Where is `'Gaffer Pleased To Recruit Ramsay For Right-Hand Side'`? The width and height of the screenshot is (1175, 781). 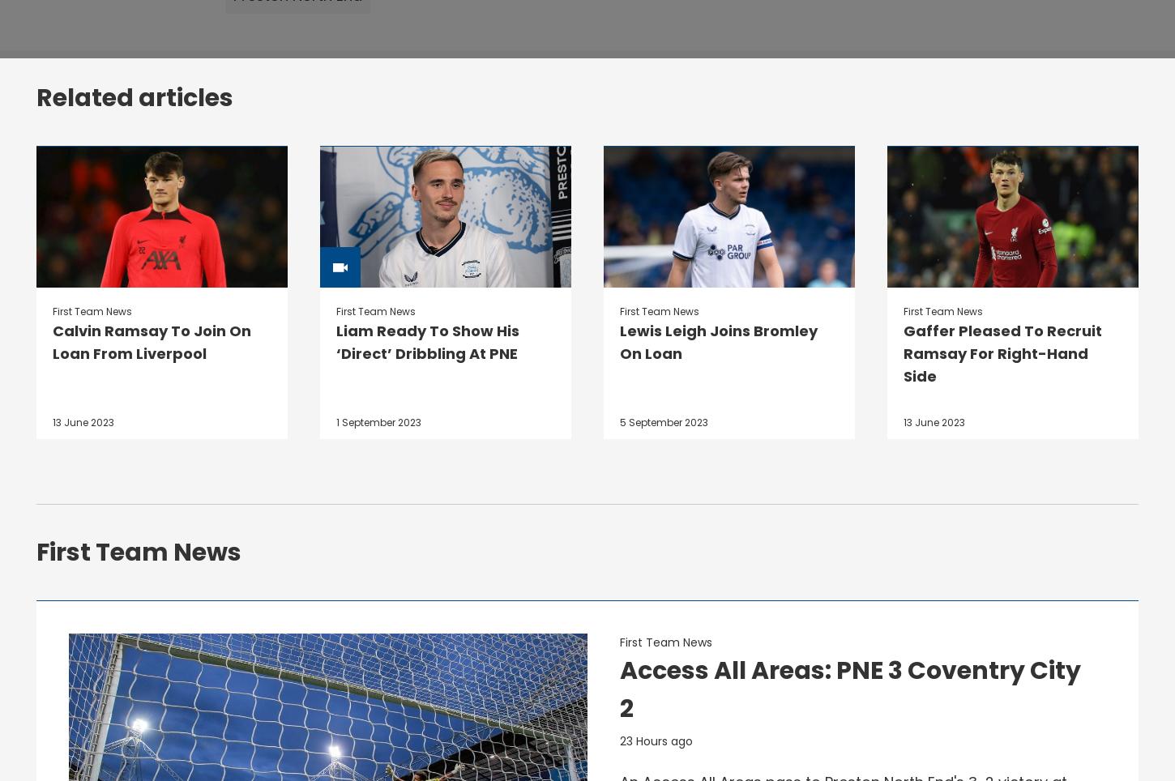 'Gaffer Pleased To Recruit Ramsay For Right-Hand Side' is located at coordinates (1002, 352).